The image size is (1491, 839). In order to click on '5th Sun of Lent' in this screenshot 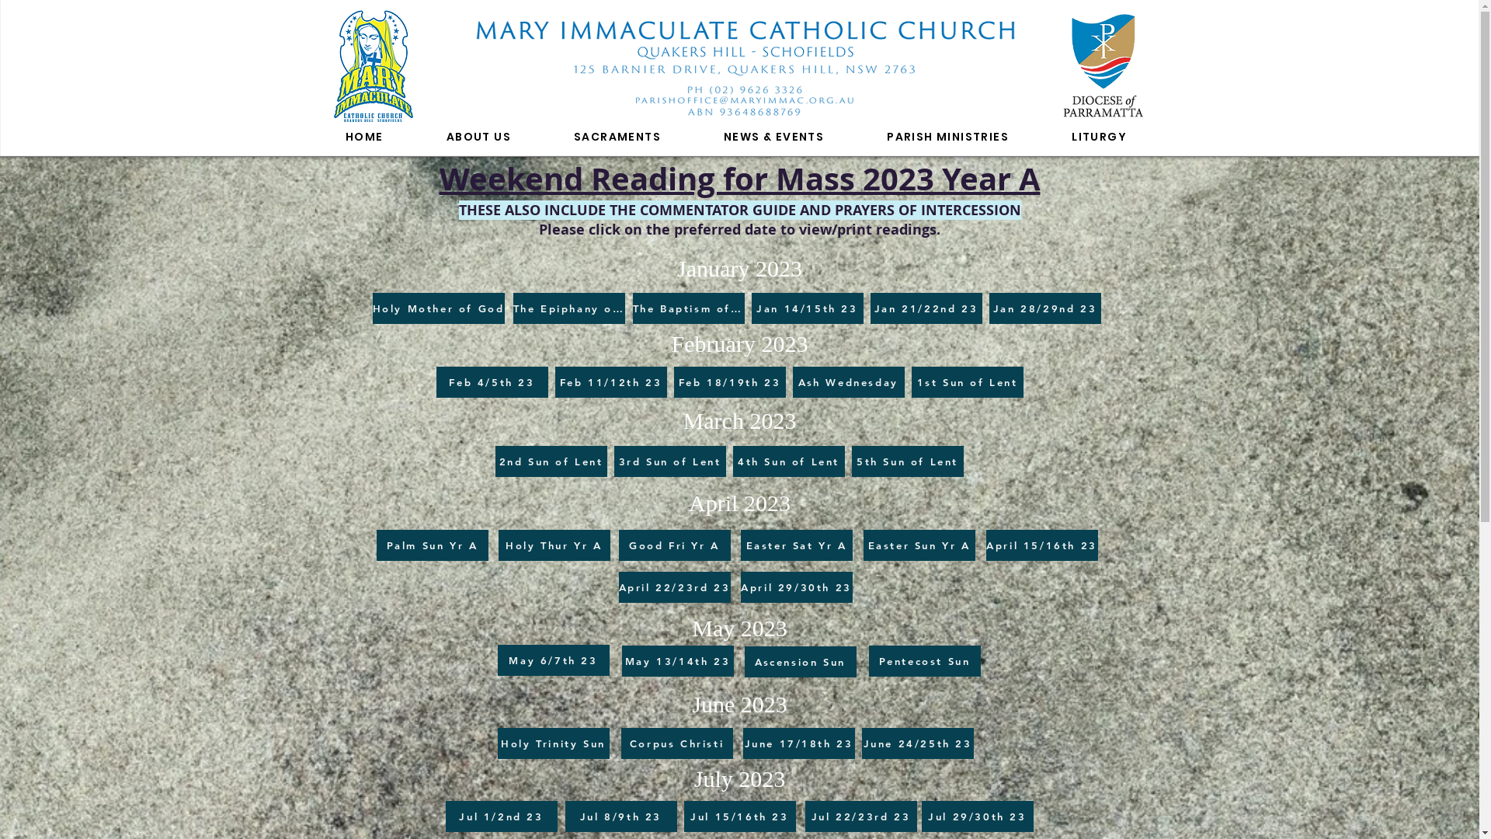, I will do `click(906, 461)`.